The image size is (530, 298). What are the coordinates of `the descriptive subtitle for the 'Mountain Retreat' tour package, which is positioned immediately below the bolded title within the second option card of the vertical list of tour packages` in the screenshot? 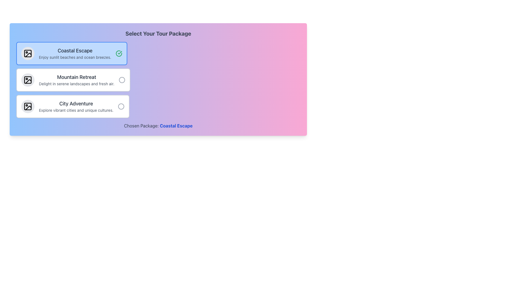 It's located at (76, 84).